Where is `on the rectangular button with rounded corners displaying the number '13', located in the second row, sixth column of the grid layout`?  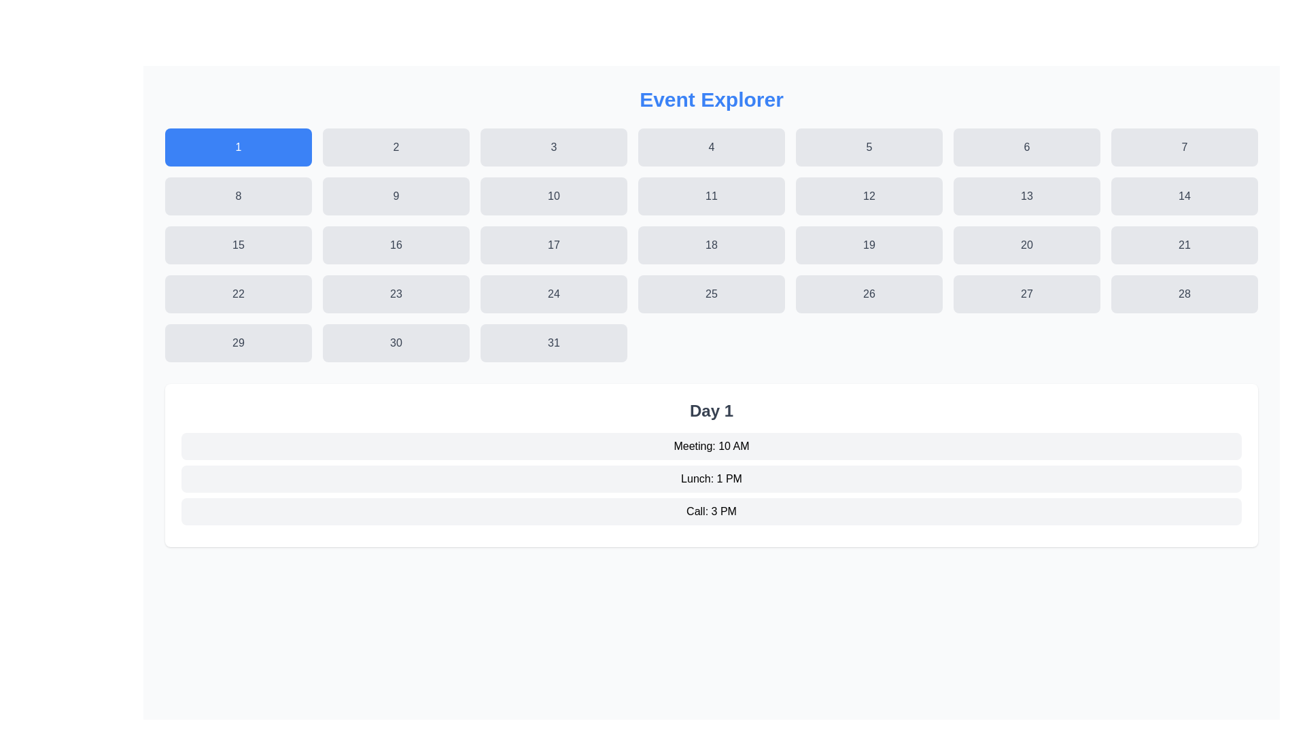 on the rectangular button with rounded corners displaying the number '13', located in the second row, sixth column of the grid layout is located at coordinates (1027, 196).